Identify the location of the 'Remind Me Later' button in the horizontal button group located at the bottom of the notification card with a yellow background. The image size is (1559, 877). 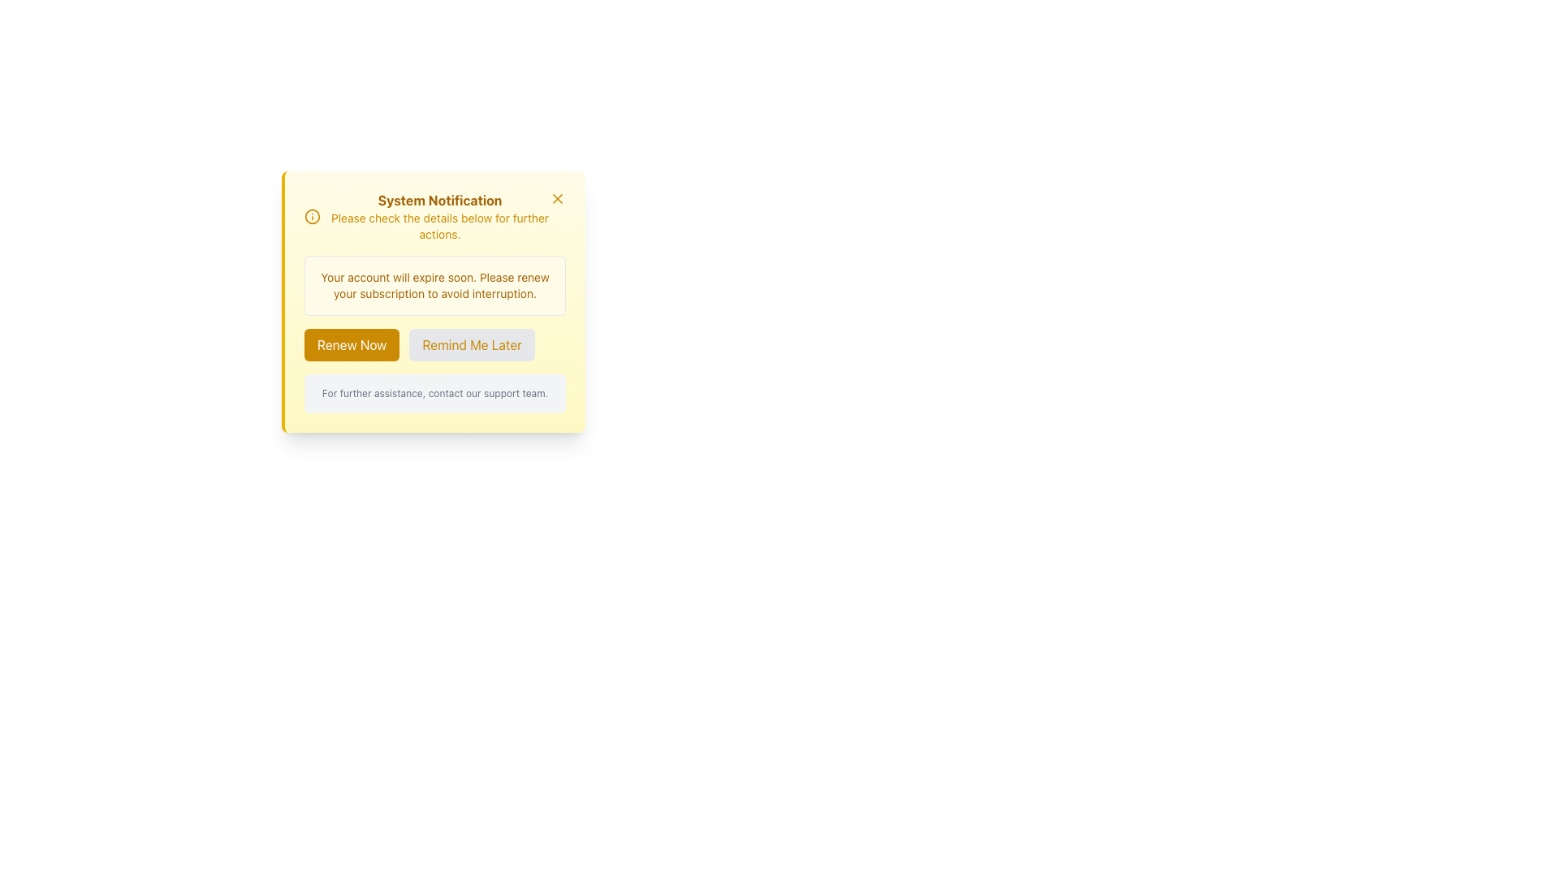
(435, 343).